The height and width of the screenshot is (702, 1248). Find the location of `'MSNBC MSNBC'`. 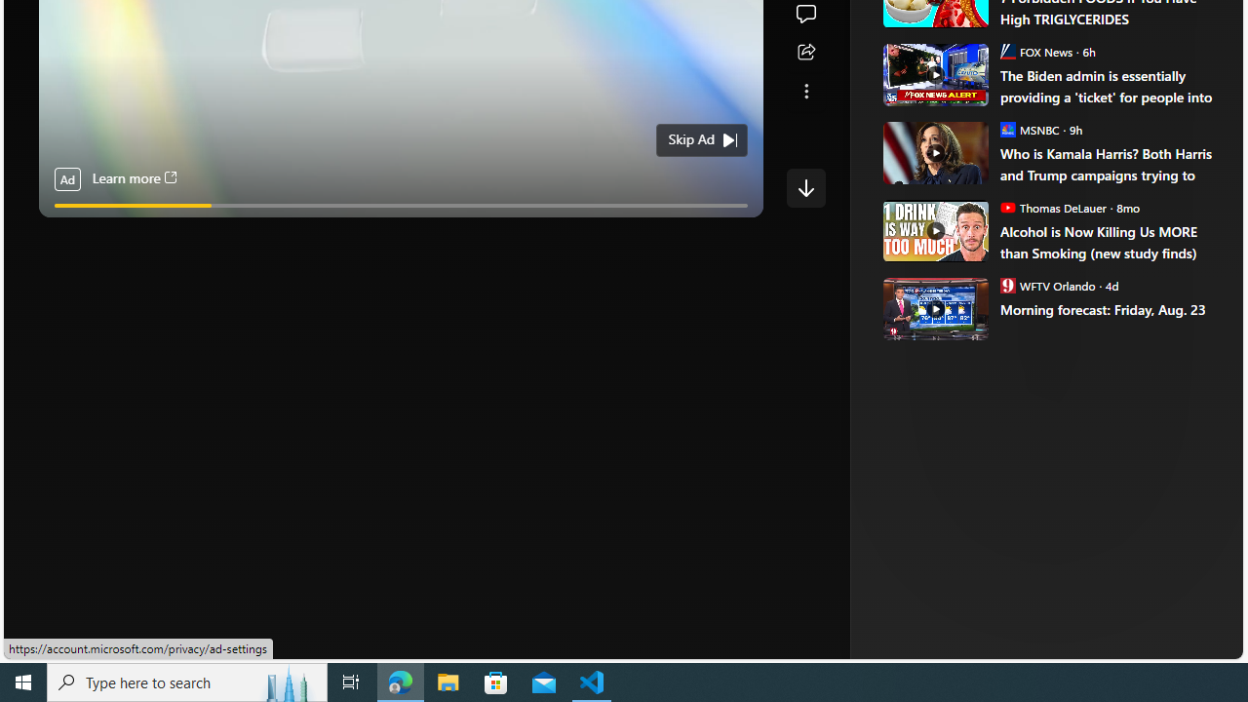

'MSNBC MSNBC' is located at coordinates (1029, 129).